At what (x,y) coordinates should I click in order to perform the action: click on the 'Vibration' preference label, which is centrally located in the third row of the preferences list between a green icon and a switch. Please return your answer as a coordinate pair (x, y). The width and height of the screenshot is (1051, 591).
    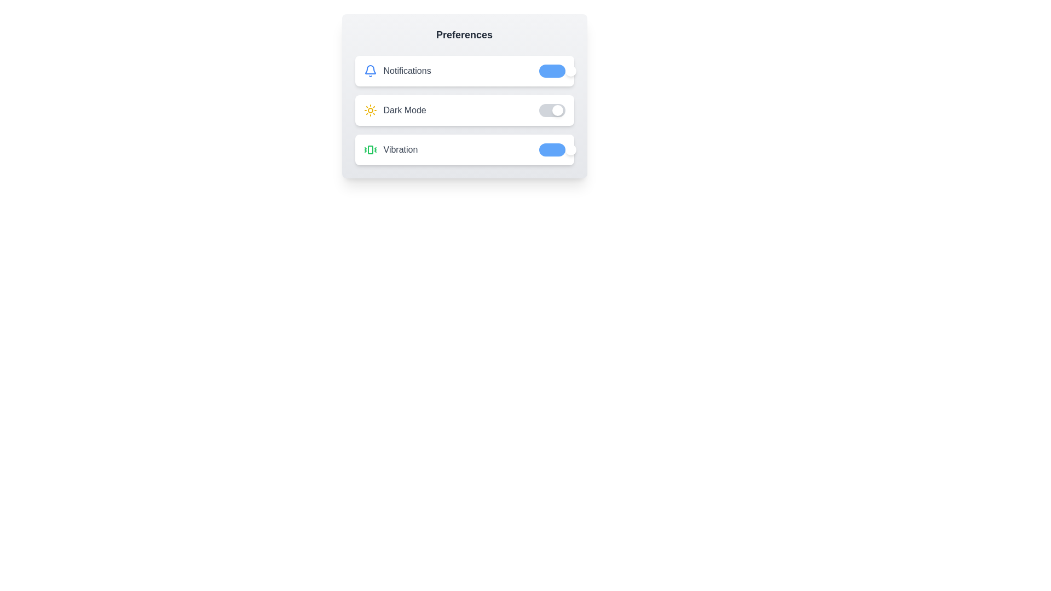
    Looking at the image, I should click on (400, 149).